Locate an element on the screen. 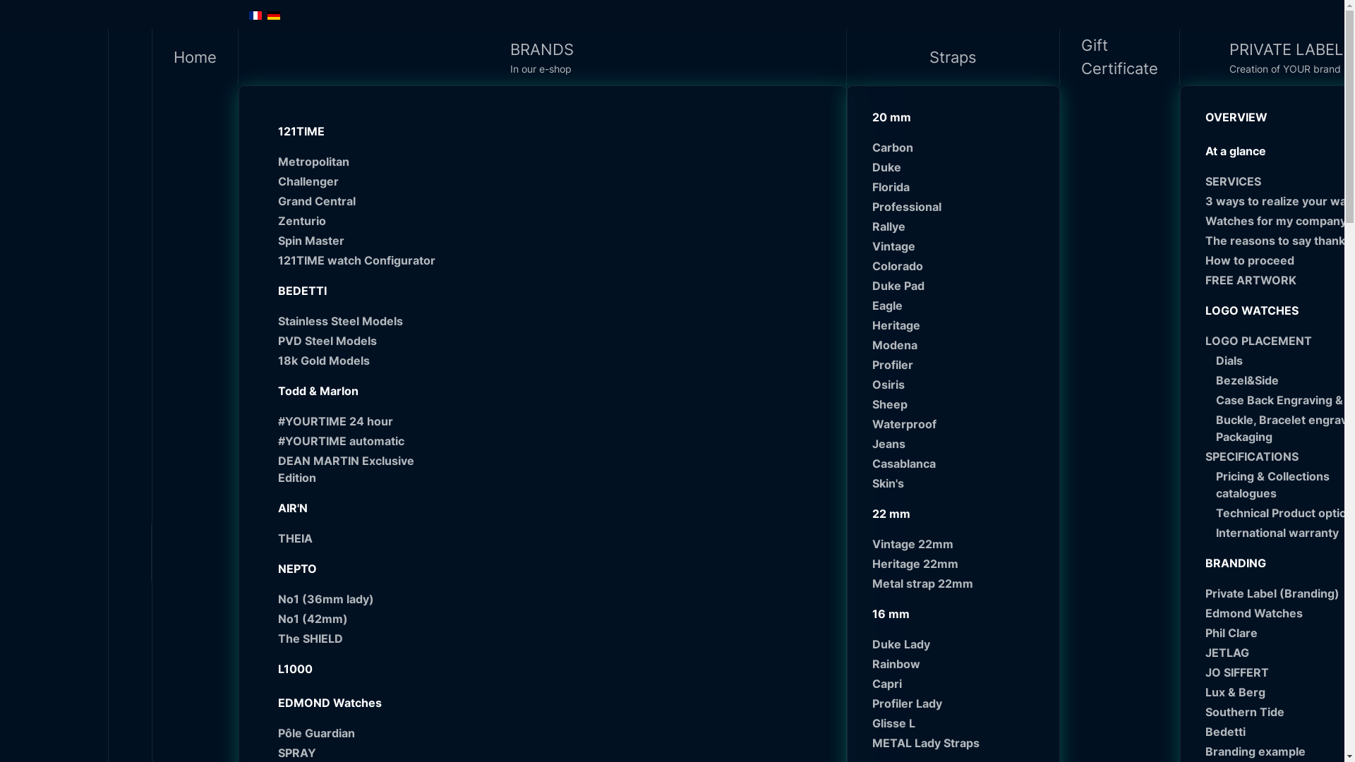 This screenshot has height=762, width=1355. 'Rainbow' is located at coordinates (958, 664).